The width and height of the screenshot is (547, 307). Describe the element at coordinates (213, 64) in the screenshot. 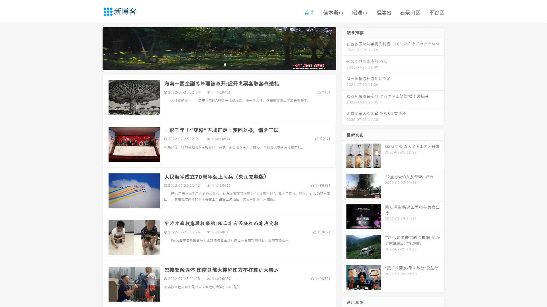

I see `Go to slide 1` at that location.